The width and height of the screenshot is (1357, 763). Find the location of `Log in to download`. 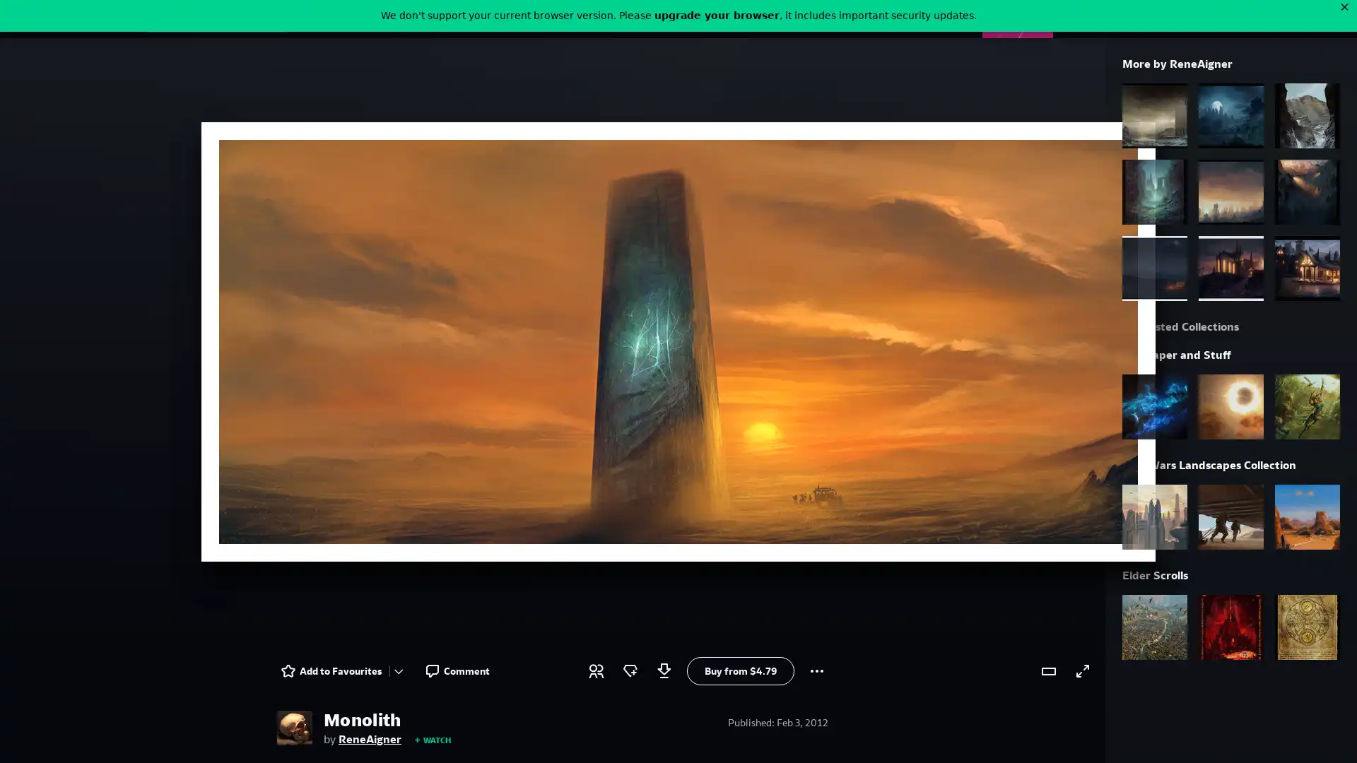

Log in to download is located at coordinates (664, 670).